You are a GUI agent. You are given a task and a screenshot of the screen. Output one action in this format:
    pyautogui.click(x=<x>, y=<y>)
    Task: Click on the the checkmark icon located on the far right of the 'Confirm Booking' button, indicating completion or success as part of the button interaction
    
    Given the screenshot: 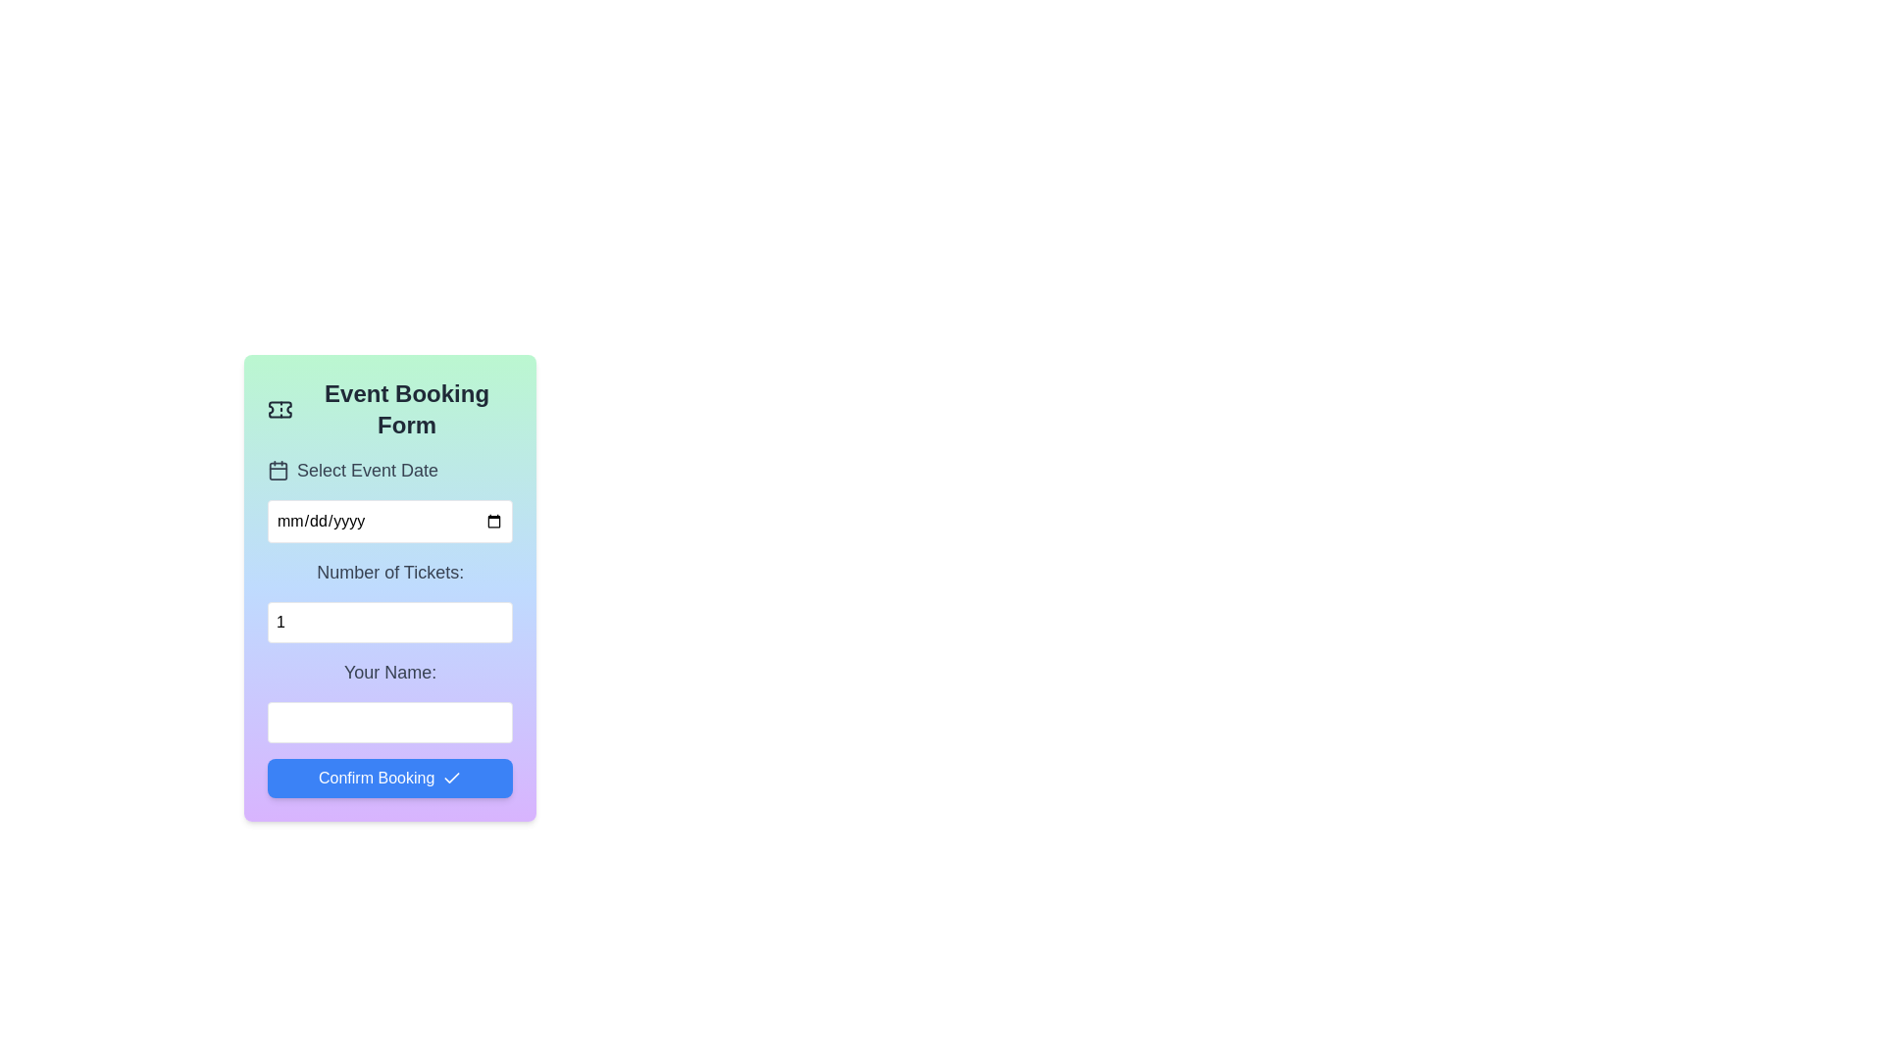 What is the action you would take?
    pyautogui.click(x=451, y=778)
    